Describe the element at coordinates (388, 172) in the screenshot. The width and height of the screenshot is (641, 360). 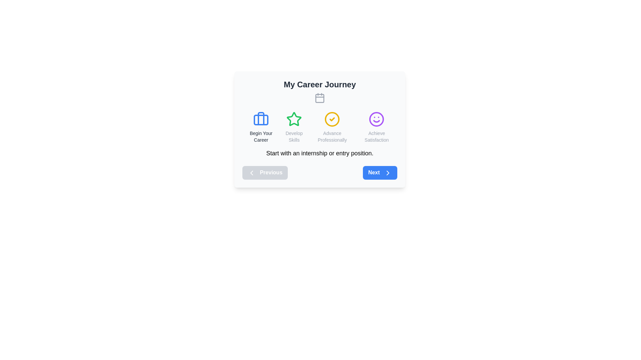
I see `the 'Next' button` at that location.